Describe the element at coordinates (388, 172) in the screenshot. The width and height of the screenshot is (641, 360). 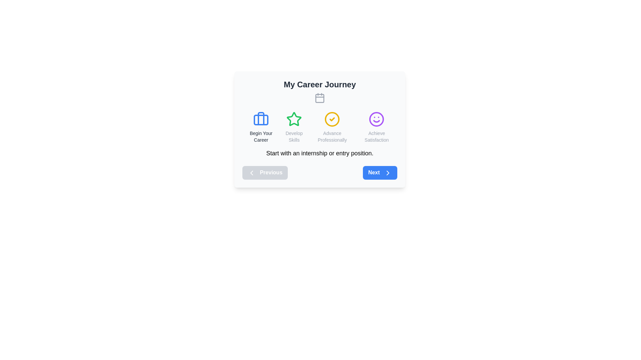
I see `the 'Next' button` at that location.